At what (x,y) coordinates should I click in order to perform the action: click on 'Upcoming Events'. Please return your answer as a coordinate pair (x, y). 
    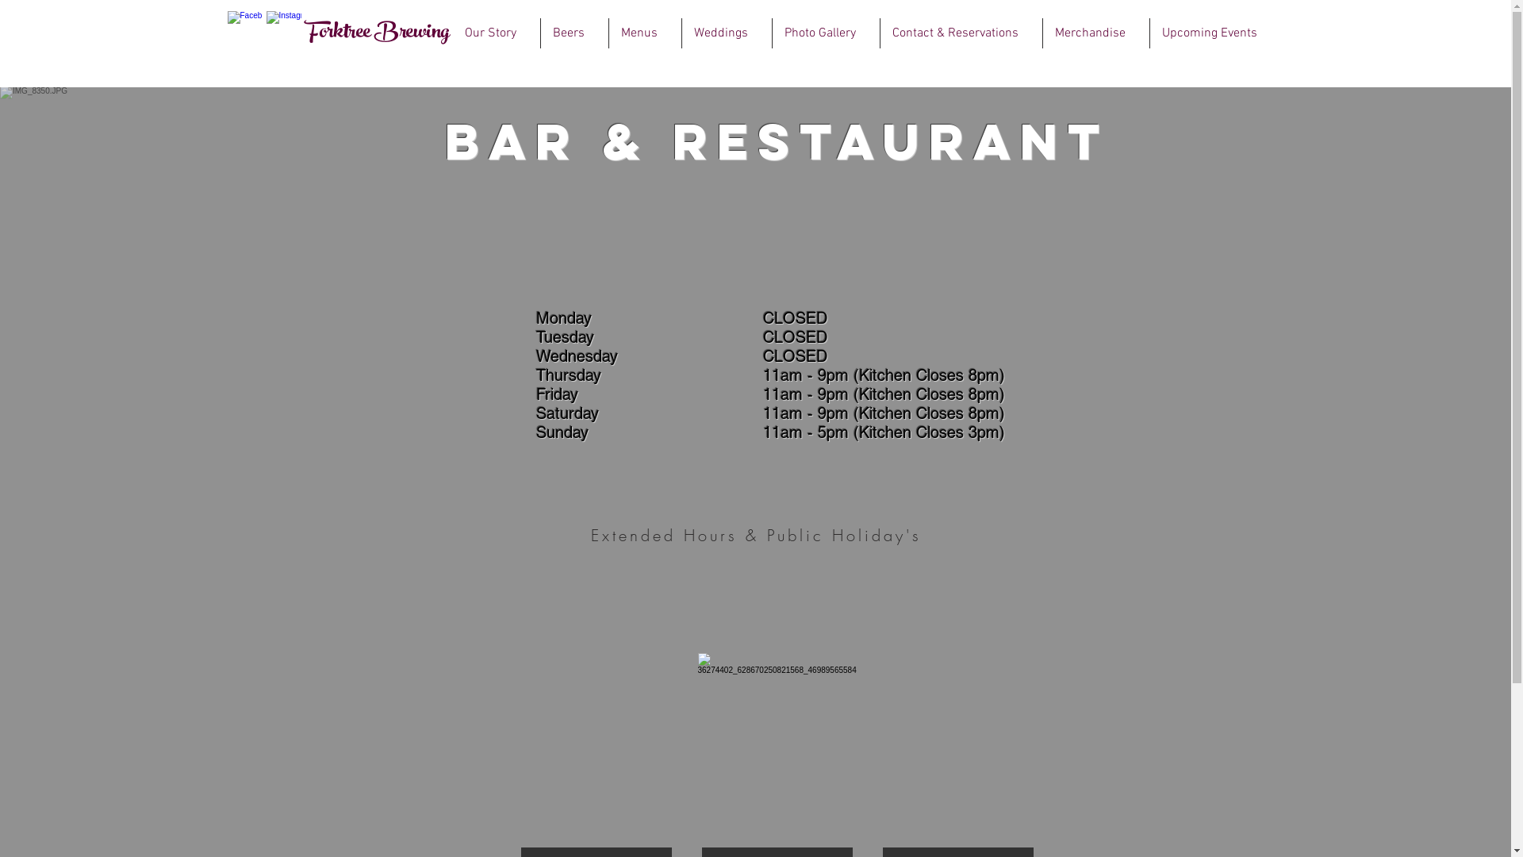
    Looking at the image, I should click on (1149, 33).